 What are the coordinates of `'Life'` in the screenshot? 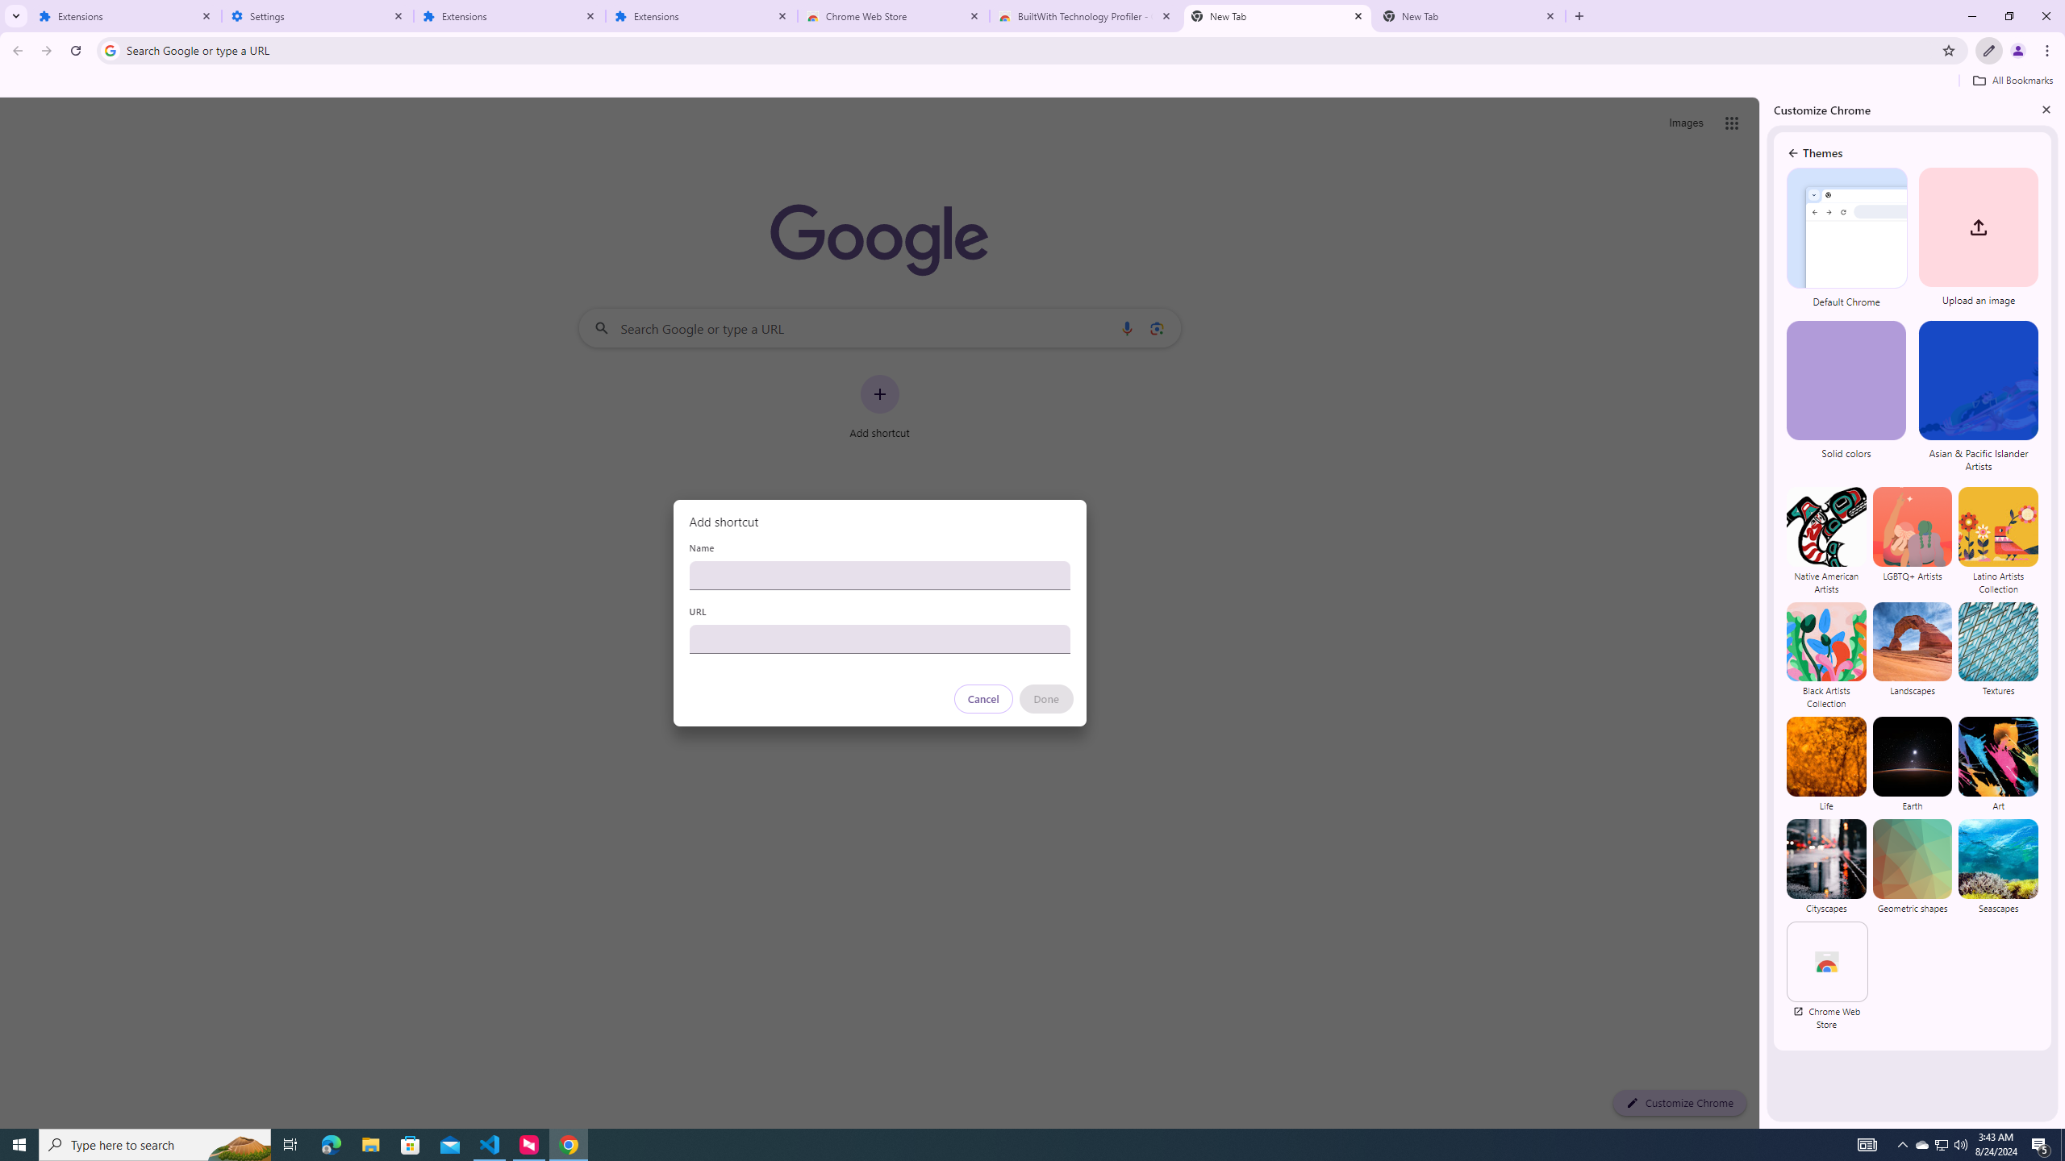 It's located at (1825, 764).